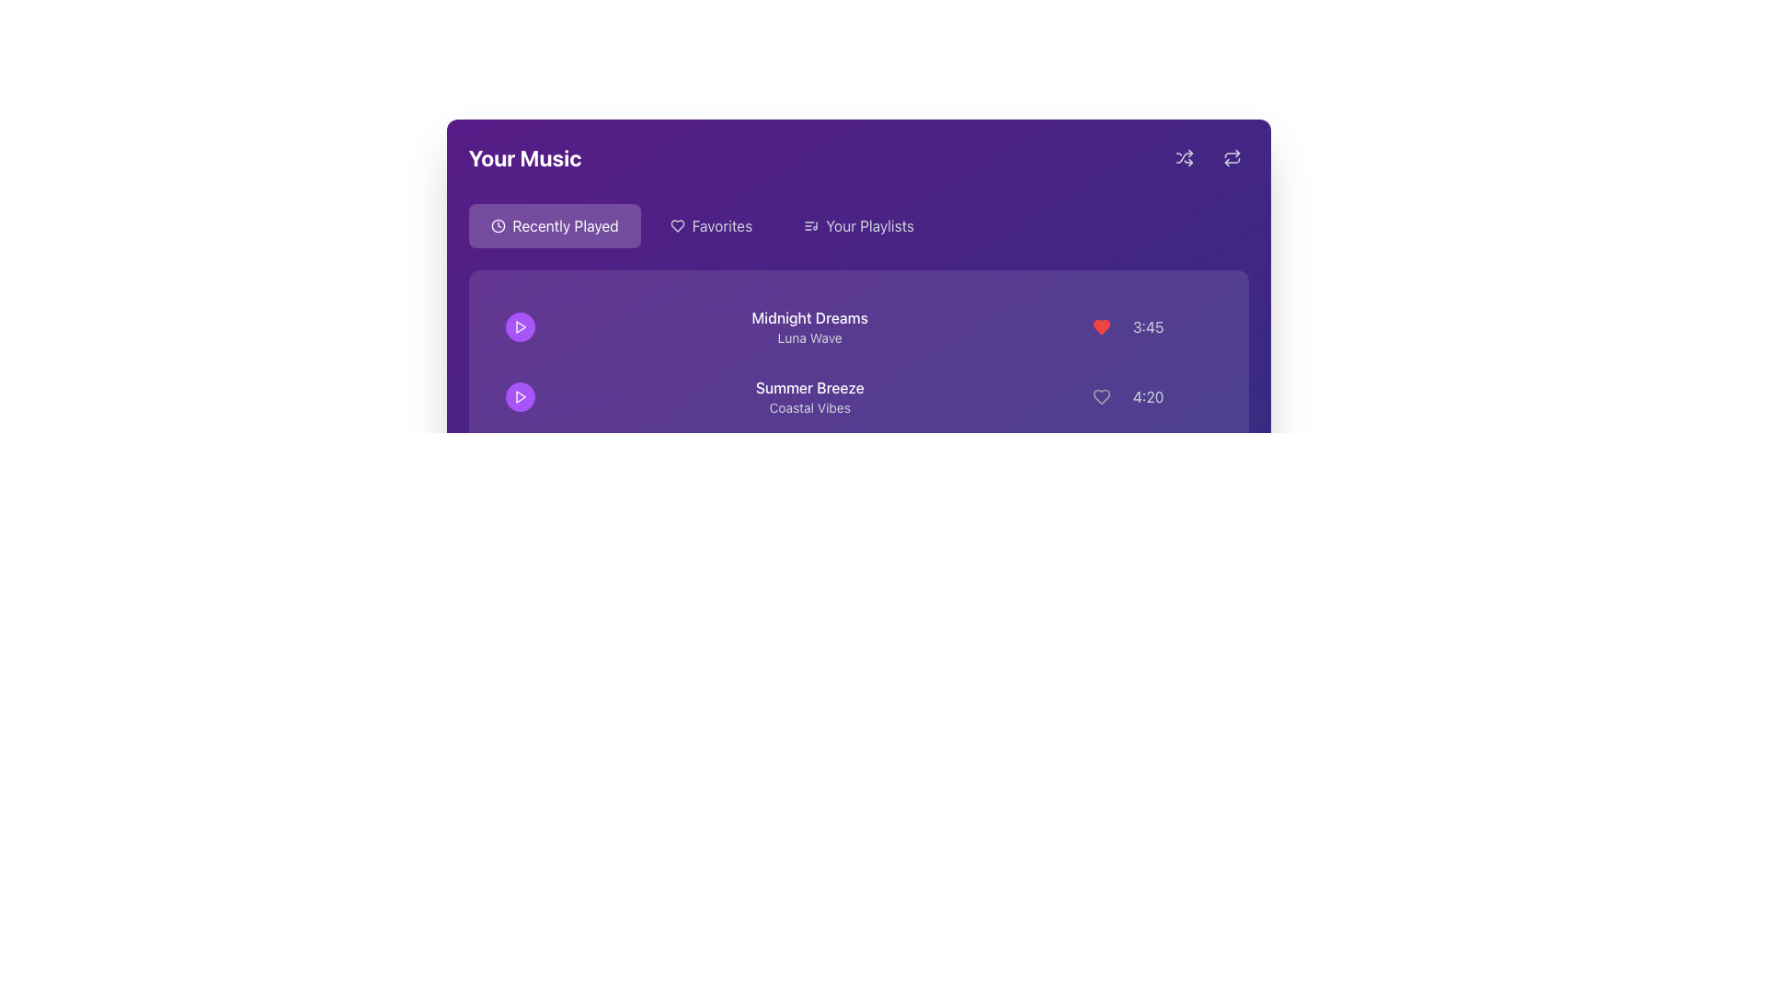  I want to click on the 'Recently Played' text label in the navigation menu to potentially highlight it or display additional information, so click(565, 225).